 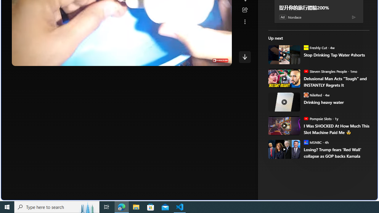 What do you see at coordinates (312, 142) in the screenshot?
I see `'MSNBC MSNBC'` at bounding box center [312, 142].